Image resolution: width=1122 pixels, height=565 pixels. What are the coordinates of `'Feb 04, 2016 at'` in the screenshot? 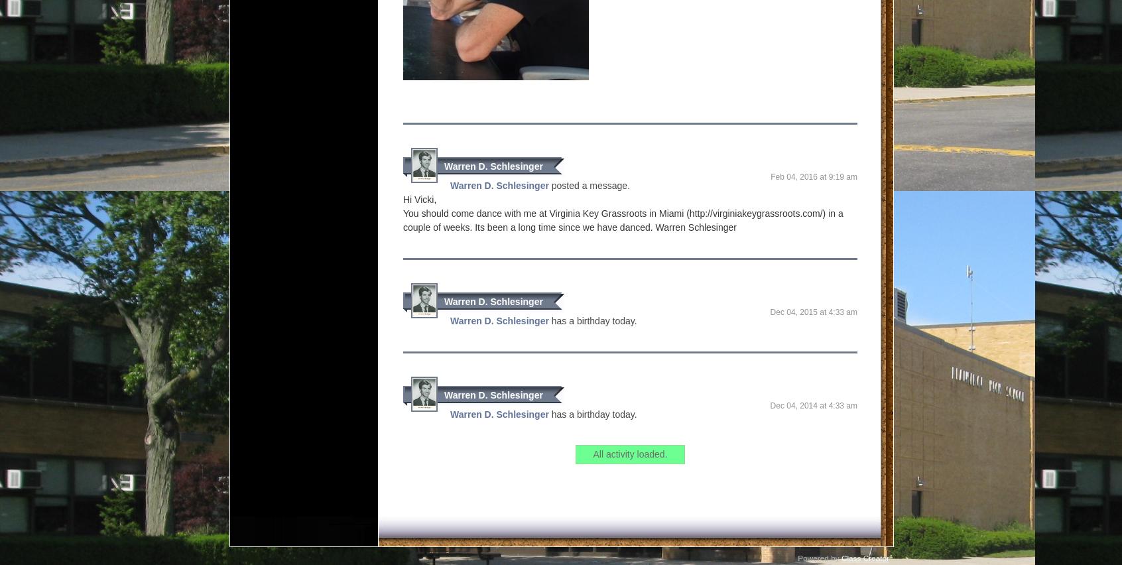 It's located at (799, 176).